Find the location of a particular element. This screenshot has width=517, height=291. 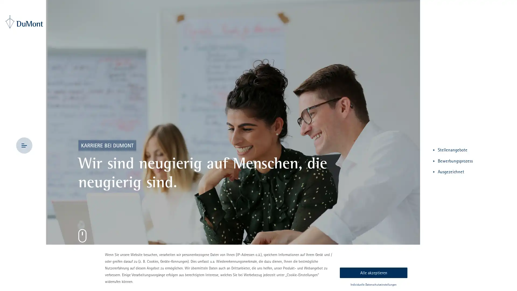

Alle akzeptieren is located at coordinates (373, 273).